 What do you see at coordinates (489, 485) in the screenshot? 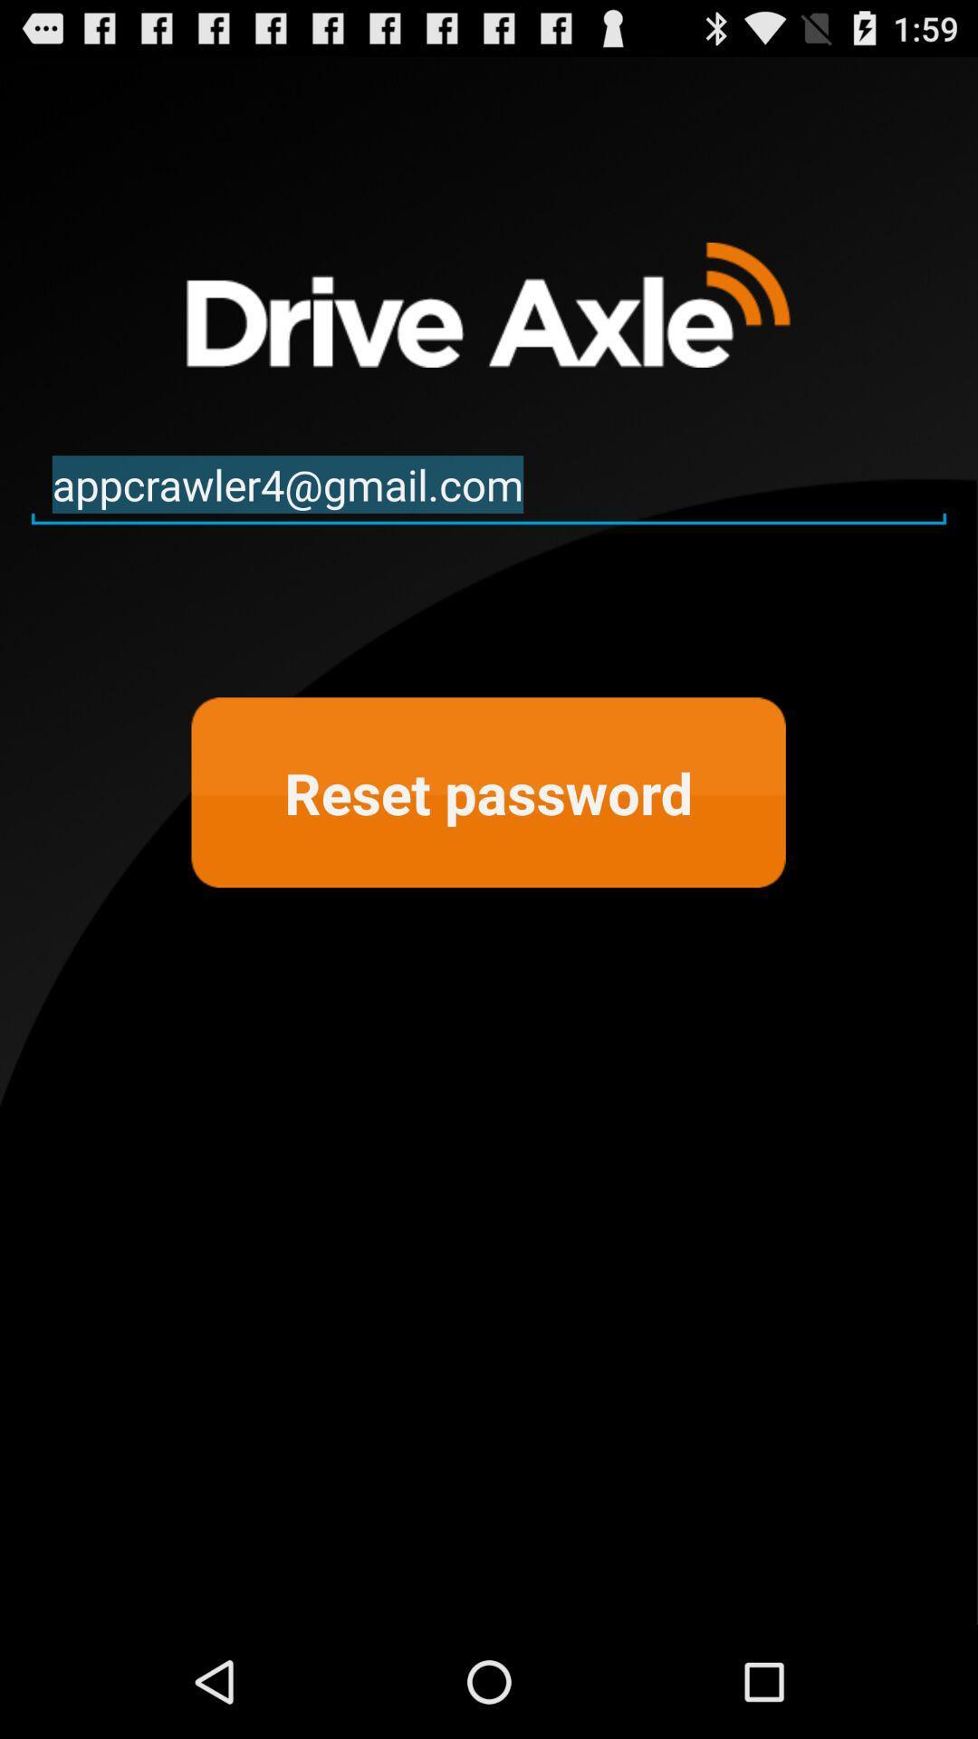
I see `appcrawler4@gmail.com icon` at bounding box center [489, 485].